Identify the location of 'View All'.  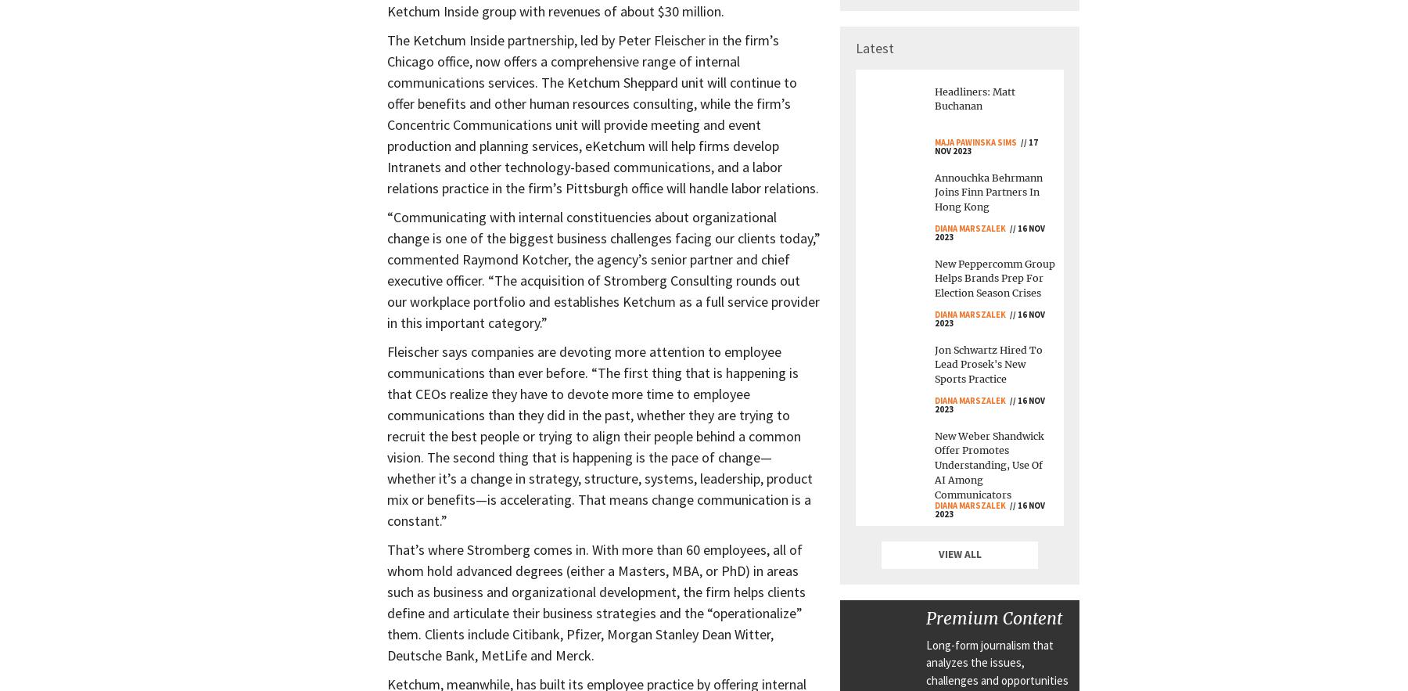
(958, 554).